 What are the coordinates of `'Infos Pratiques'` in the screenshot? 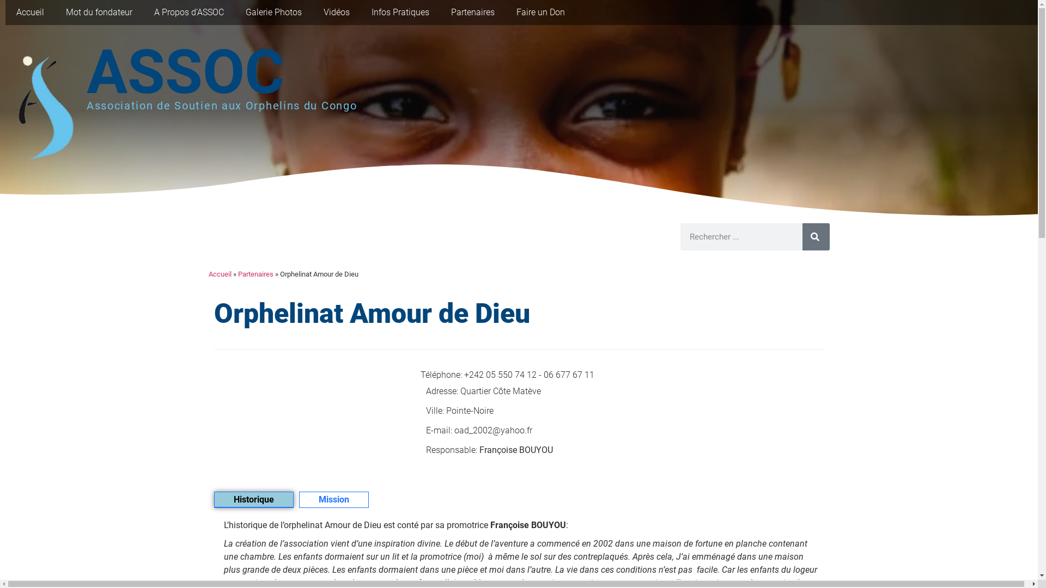 It's located at (399, 13).